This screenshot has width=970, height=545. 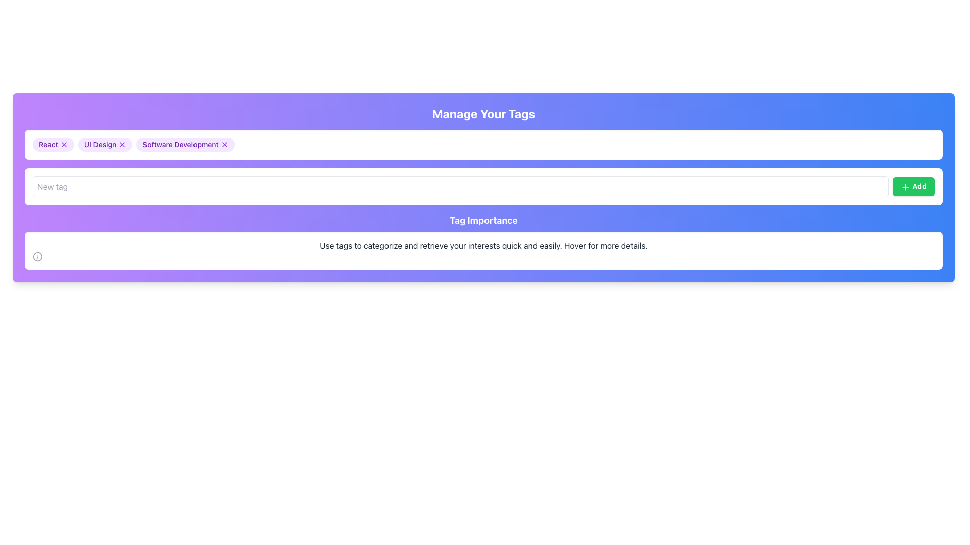 What do you see at coordinates (483, 113) in the screenshot?
I see `the Text Label that serves as the header for the section related to managing tags` at bounding box center [483, 113].